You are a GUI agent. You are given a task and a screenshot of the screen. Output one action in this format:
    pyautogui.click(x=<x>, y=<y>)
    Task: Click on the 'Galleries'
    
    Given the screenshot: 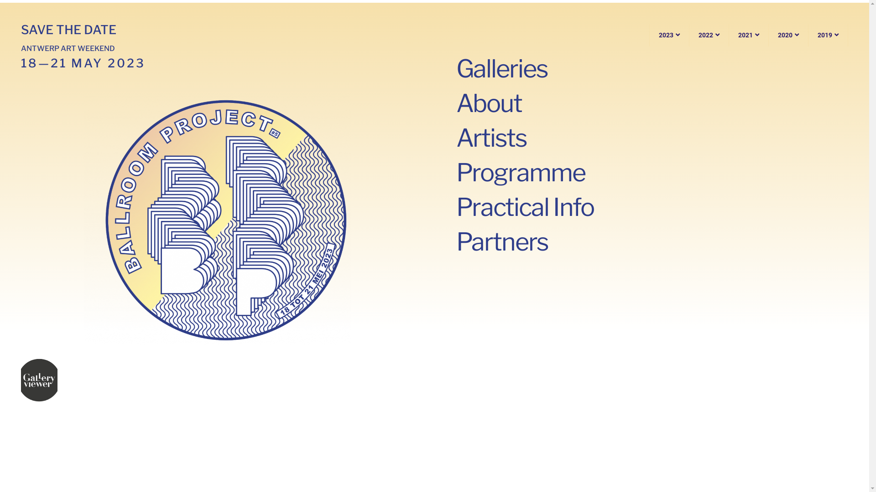 What is the action you would take?
    pyautogui.click(x=501, y=68)
    